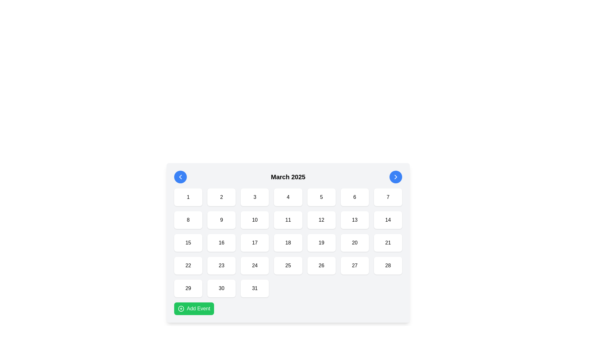 The width and height of the screenshot is (608, 342). Describe the element at coordinates (288, 243) in the screenshot. I see `the rectangular button displaying the number '18' in black text, which is the sixth button in the third row of the calendar interface` at that location.